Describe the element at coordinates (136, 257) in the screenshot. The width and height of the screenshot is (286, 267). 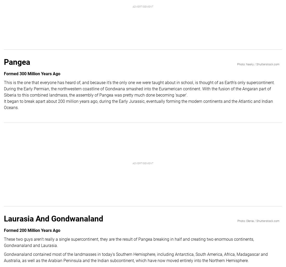
I see `'Gondwanaland contained most of the landmasses in today's Southern Hemisphere, including Antarctica, South America, Africa, Madagascar and Australia, as well as the Arabian Peninsula and the Indian subcontinent, which have now moved entirely into the Northern Hemisphere.'` at that location.